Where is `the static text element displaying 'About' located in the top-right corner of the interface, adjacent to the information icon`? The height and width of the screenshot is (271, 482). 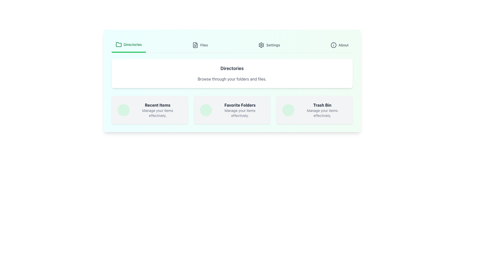
the static text element displaying 'About' located in the top-right corner of the interface, adjacent to the information icon is located at coordinates (343, 45).